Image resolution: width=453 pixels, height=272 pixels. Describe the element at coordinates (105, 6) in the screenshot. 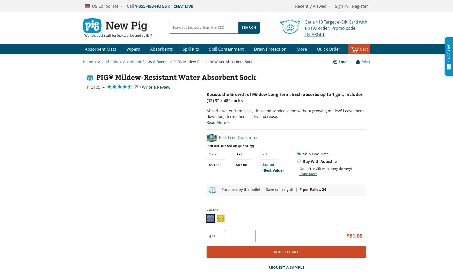

I see `'US Corporate'` at that location.